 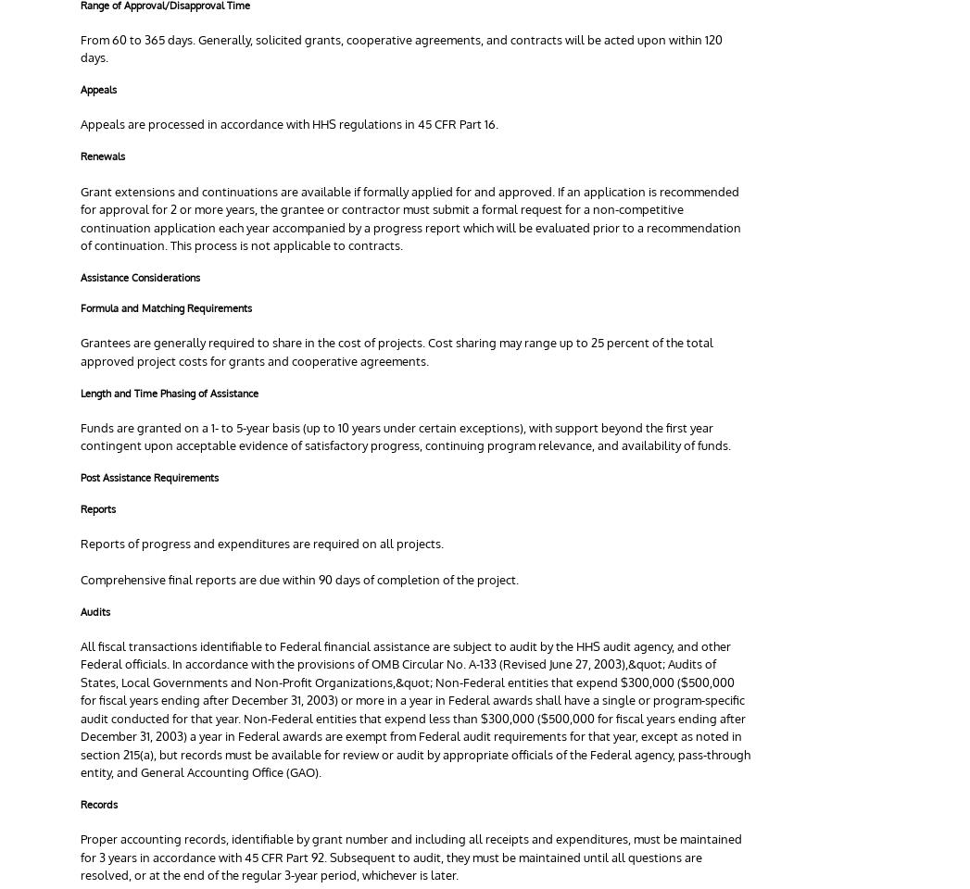 I want to click on 'Length and Time Phasing of Assistance', so click(x=170, y=393).